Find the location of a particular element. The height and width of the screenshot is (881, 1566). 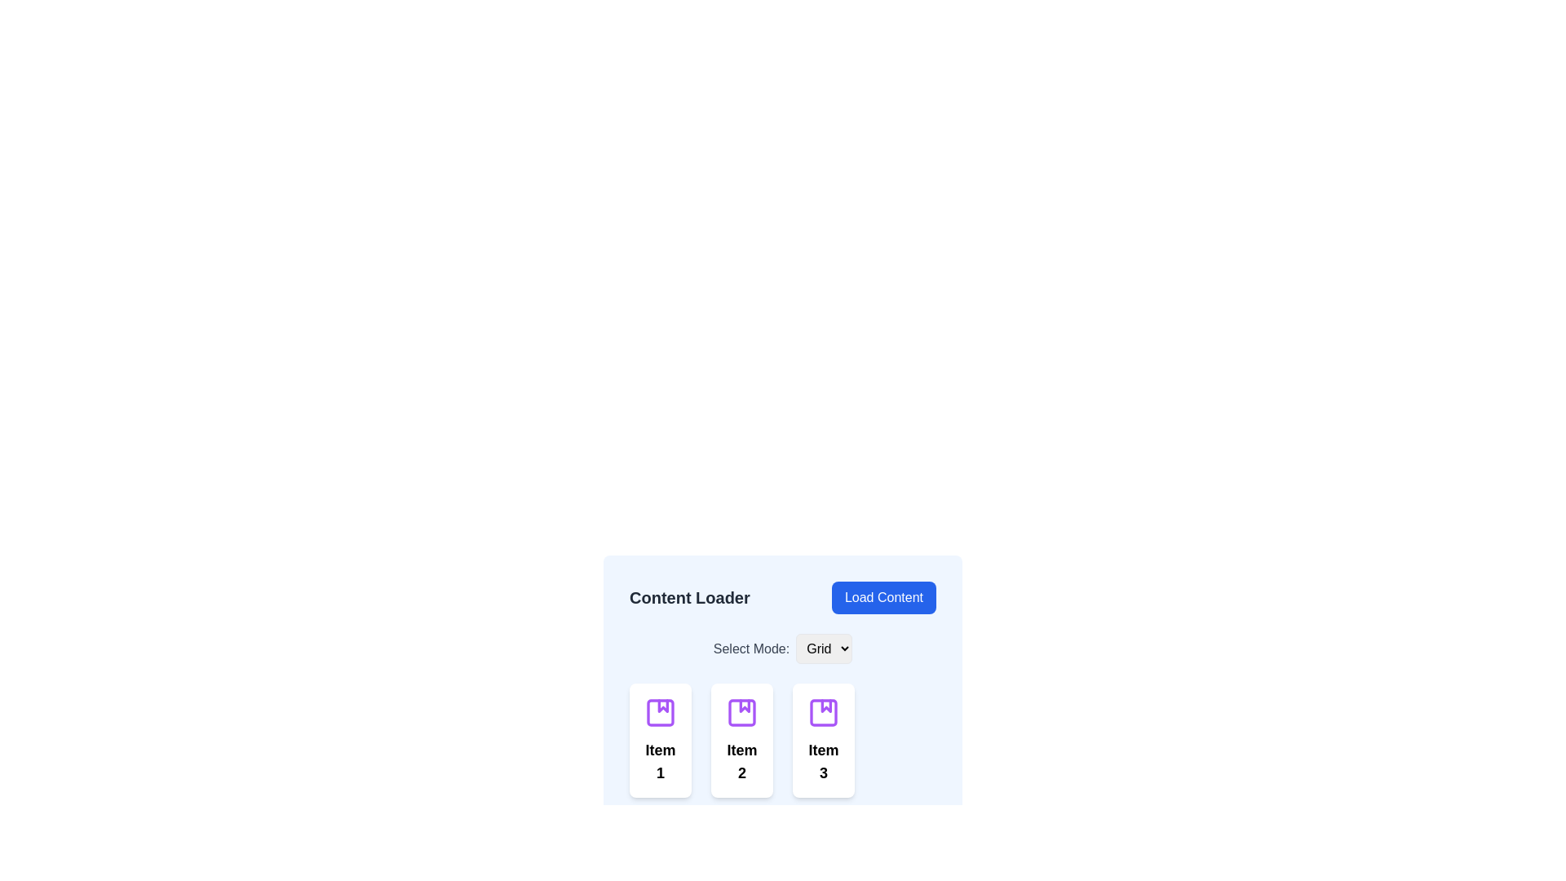

the static text label that displays 'Item 2', which is styled with a bold font and located within a rounded card with a shadow effect is located at coordinates (741, 761).